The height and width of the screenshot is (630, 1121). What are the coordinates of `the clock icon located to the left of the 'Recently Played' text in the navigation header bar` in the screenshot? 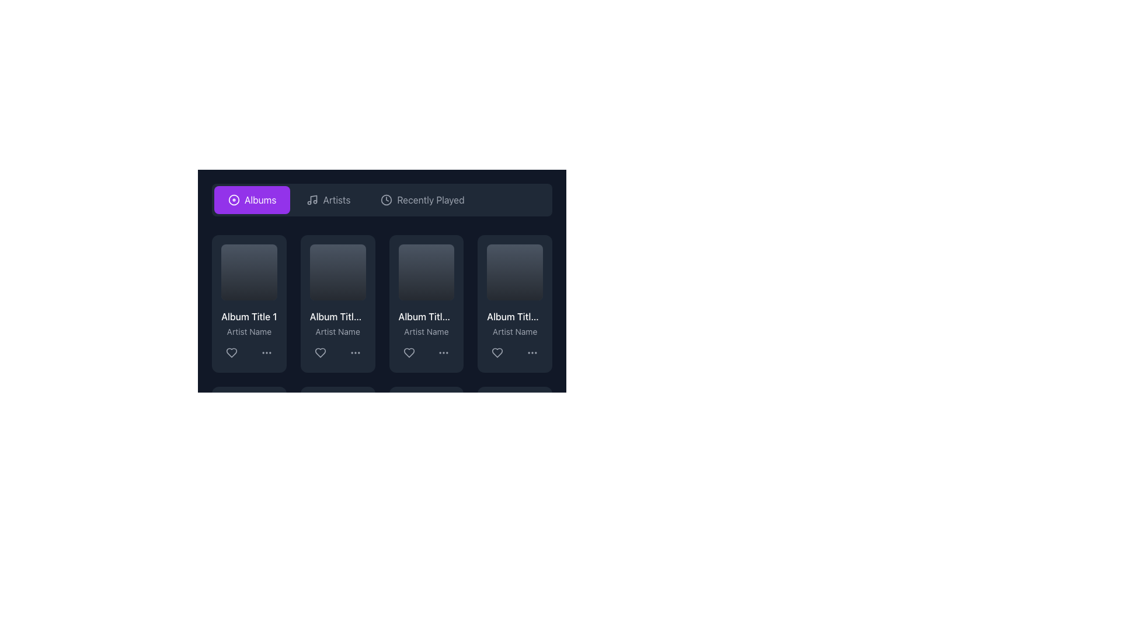 It's located at (387, 199).